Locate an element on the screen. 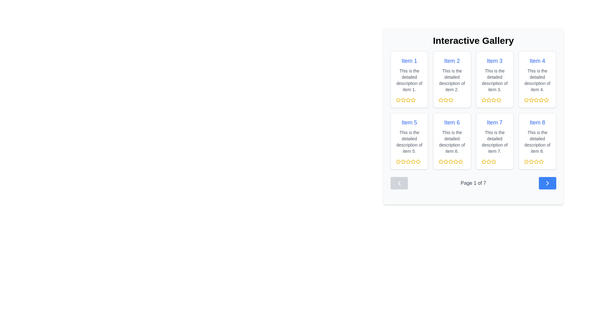  the second Rating Star Icon under the item box labeled 'Item 5' is located at coordinates (418, 161).